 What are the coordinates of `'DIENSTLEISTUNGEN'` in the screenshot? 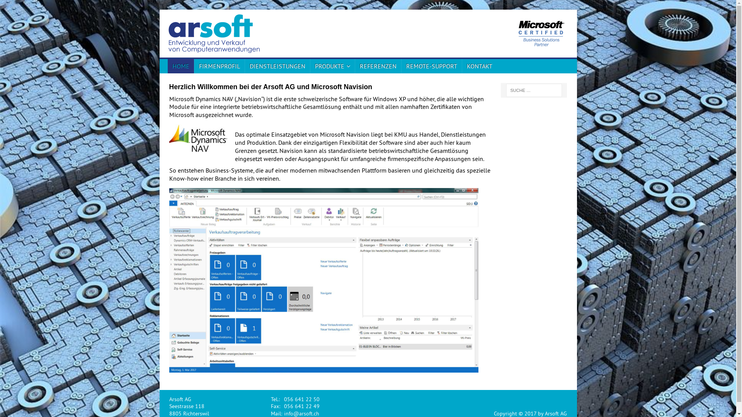 It's located at (244, 66).